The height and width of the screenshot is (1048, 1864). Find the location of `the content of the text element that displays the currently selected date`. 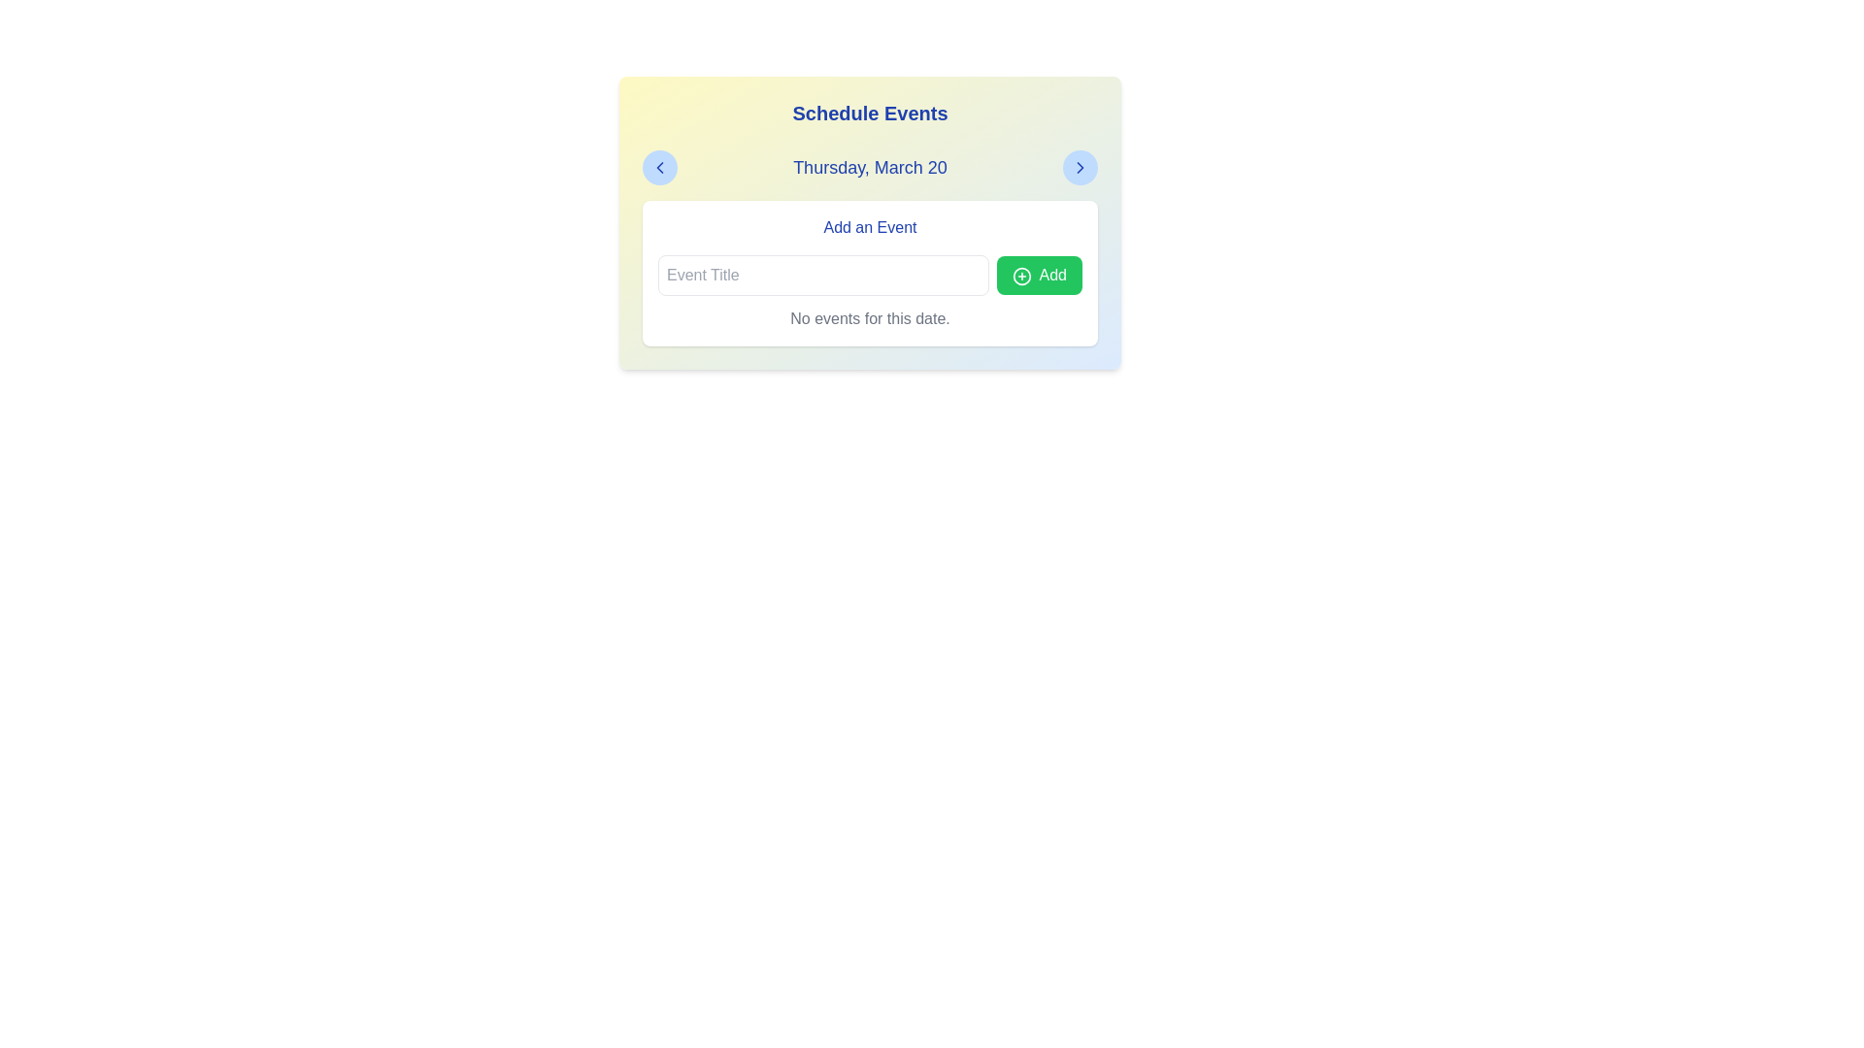

the content of the text element that displays the currently selected date is located at coordinates (869, 167).